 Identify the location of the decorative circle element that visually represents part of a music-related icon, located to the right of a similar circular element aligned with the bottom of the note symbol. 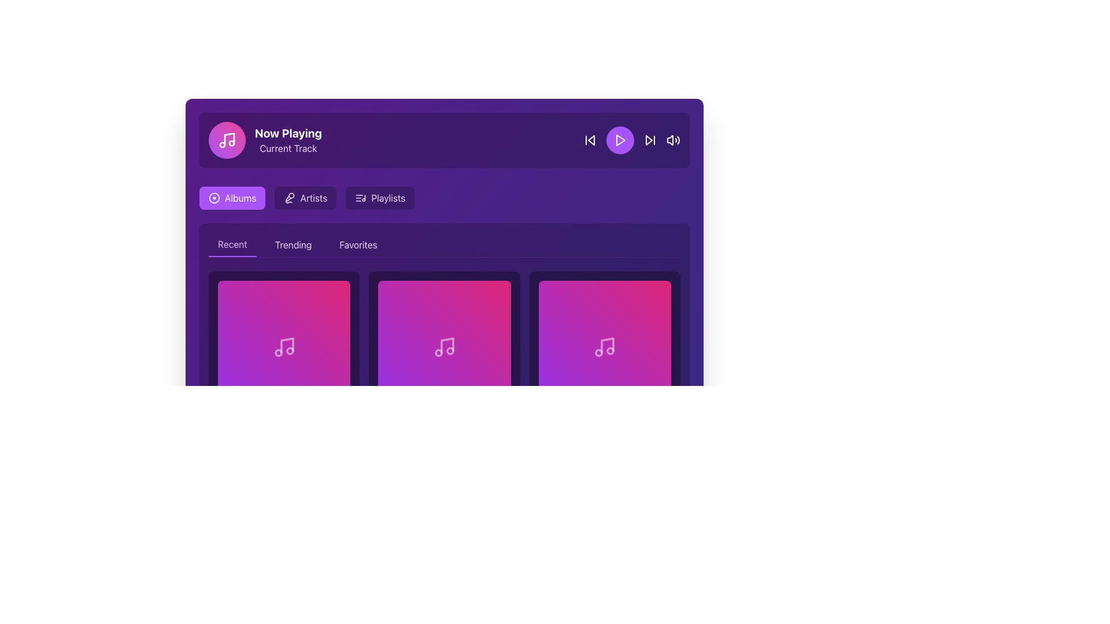
(290, 350).